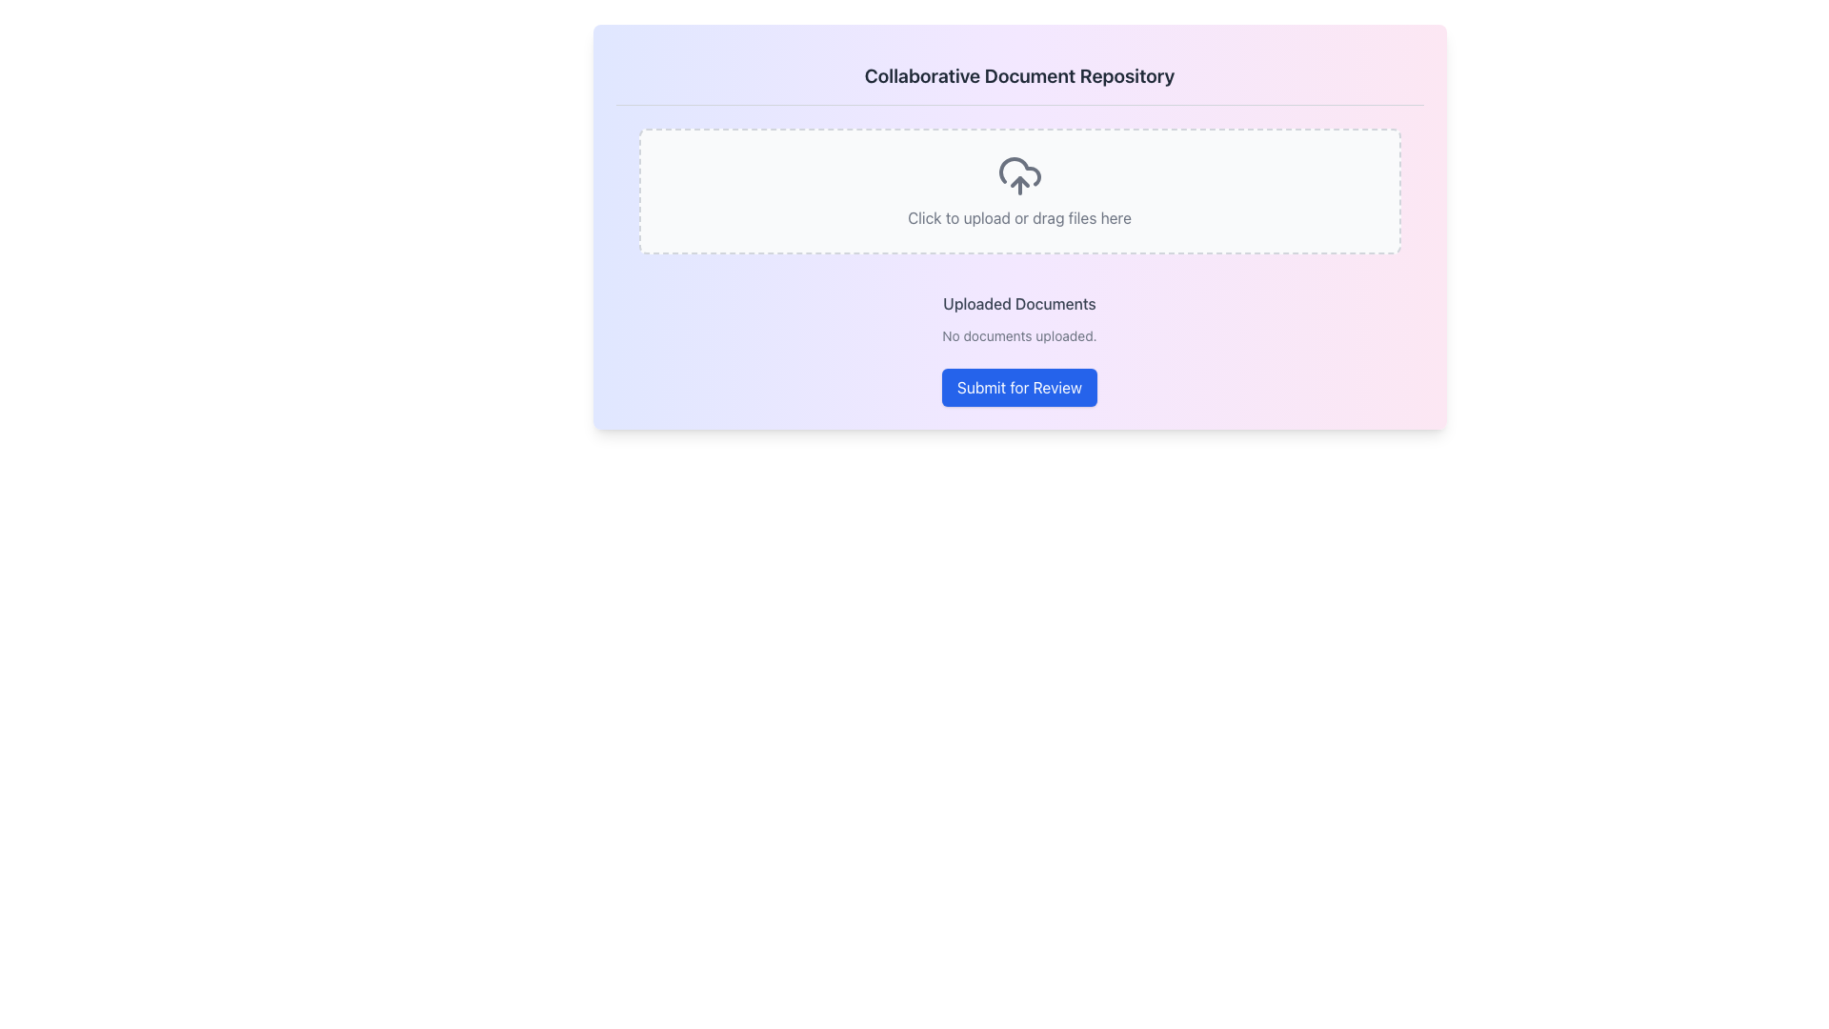 This screenshot has width=1829, height=1029. I want to click on the text label that reads 'Uploaded Documents', which is styled with a medium font weight and gray color, located above 'No documents uploaded.' and below the uploading interface area, so click(1018, 303).